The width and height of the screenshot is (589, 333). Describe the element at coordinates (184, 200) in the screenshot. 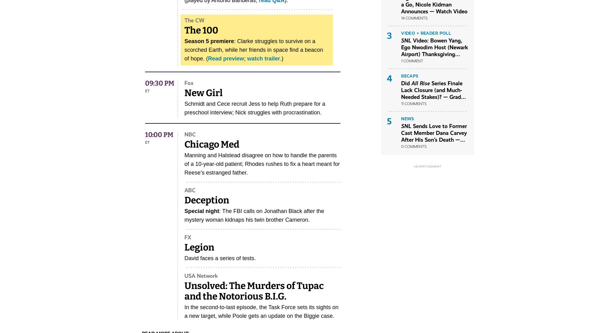

I see `'Deception'` at that location.